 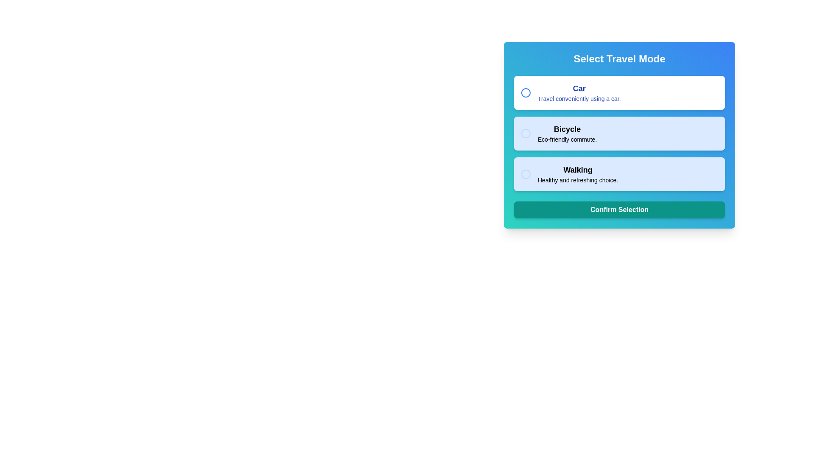 I want to click on informational text block for the 'Car' travel mode option, which is located under the 'Select Travel Mode' header, positioned above the 'Bicycle' and 'Walking' options, so click(x=579, y=93).